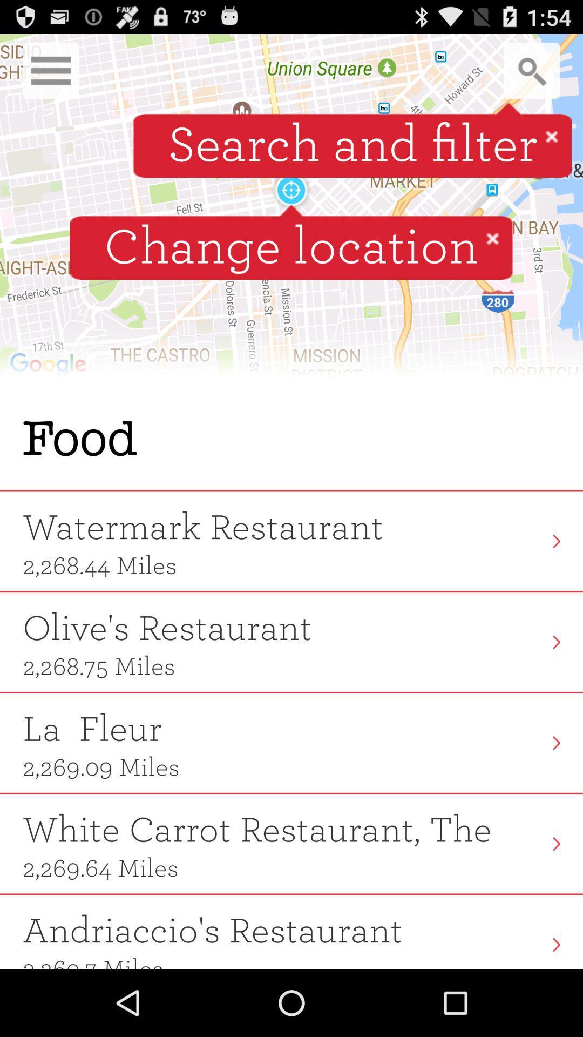 This screenshot has width=583, height=1037. I want to click on location, so click(492, 238).